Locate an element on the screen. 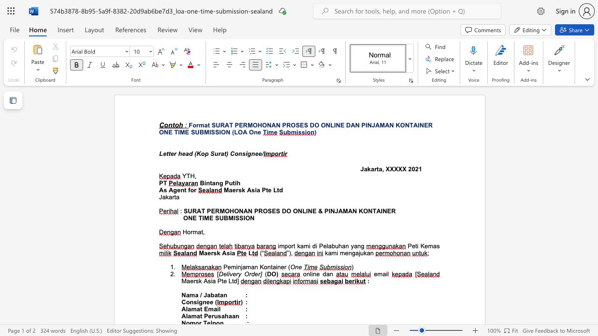 The height and width of the screenshot is (336, 598). the space between the continuous character "i" and "a" in the text is located at coordinates (232, 253).